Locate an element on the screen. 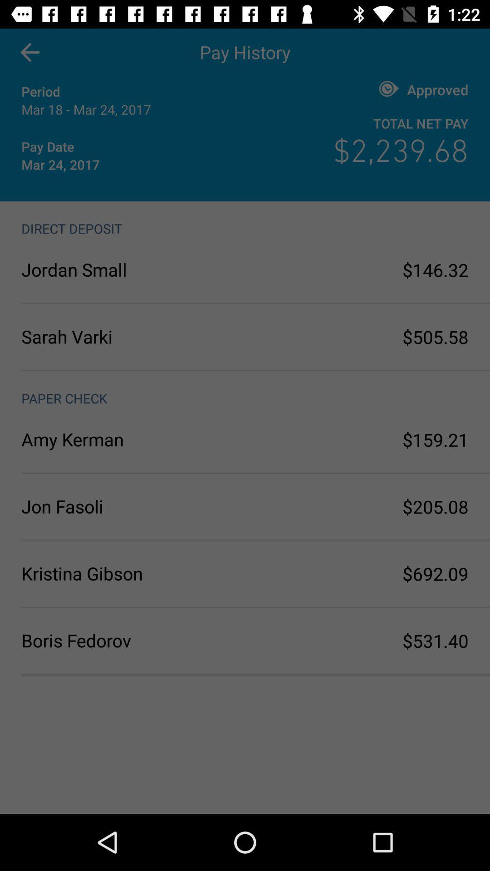 This screenshot has width=490, height=871. boris fedorov icon is located at coordinates (133, 640).